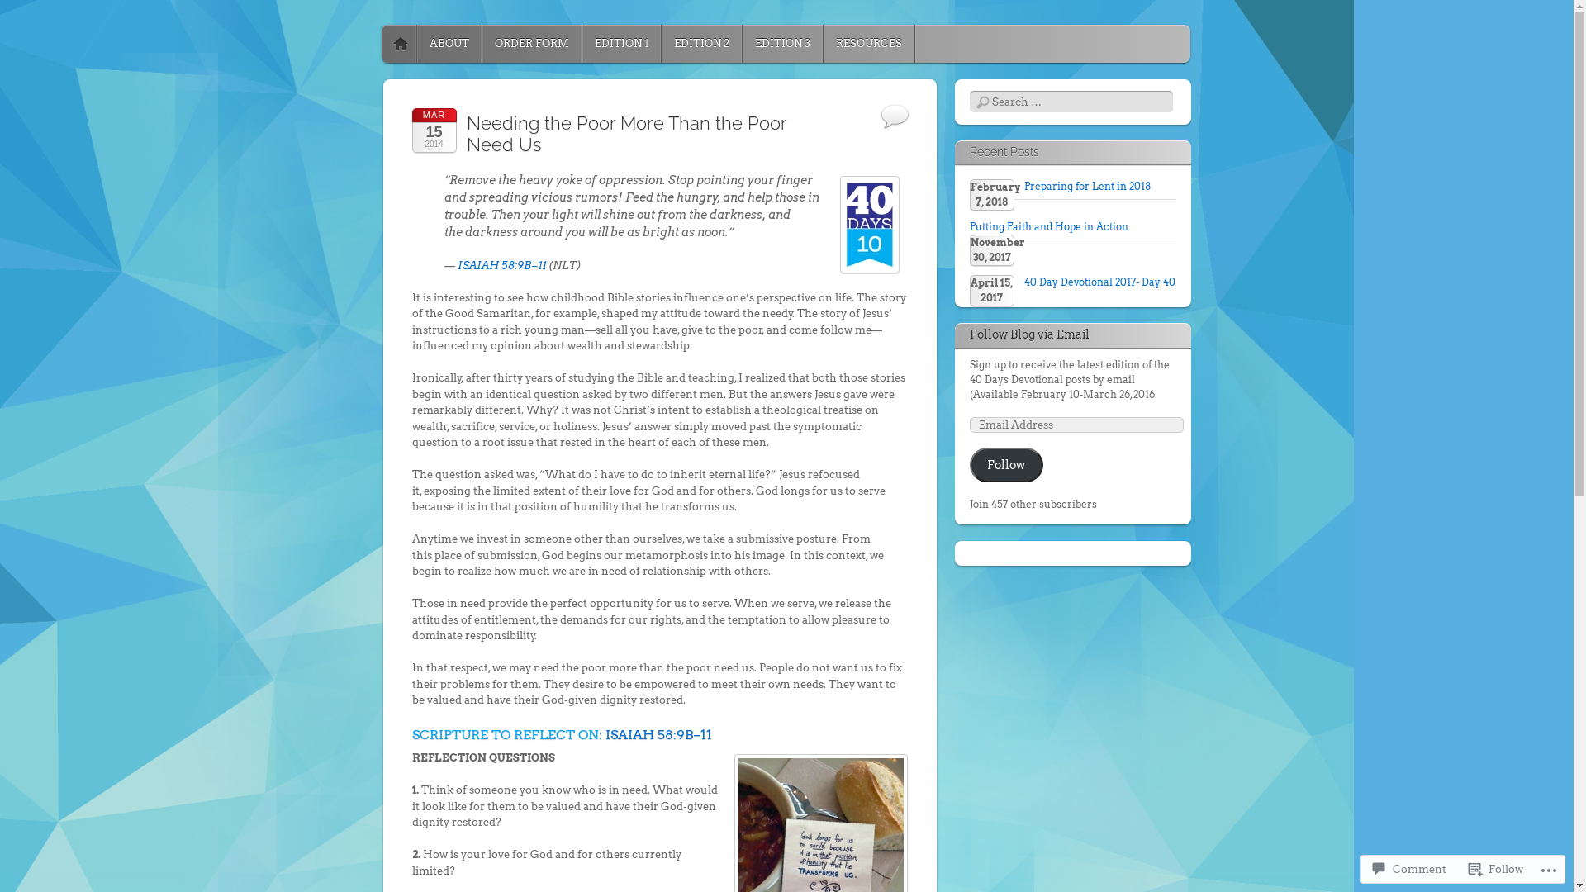 This screenshot has width=1586, height=892. Describe the element at coordinates (1099, 281) in the screenshot. I see `'40 Day Devotional 2017- Day 40'` at that location.